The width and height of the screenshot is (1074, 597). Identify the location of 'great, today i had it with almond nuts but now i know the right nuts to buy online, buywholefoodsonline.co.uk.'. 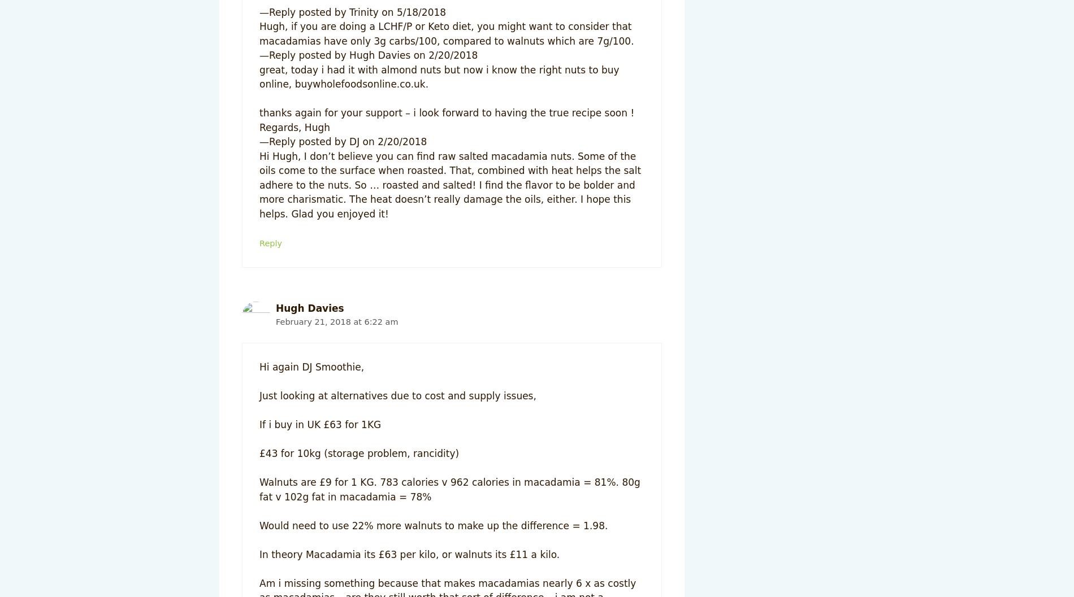
(438, 76).